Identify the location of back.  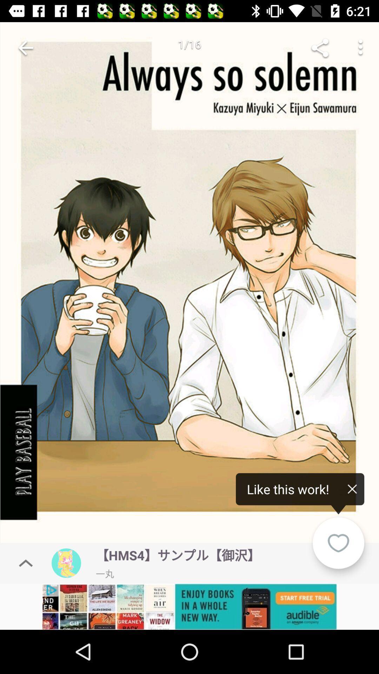
(25, 47).